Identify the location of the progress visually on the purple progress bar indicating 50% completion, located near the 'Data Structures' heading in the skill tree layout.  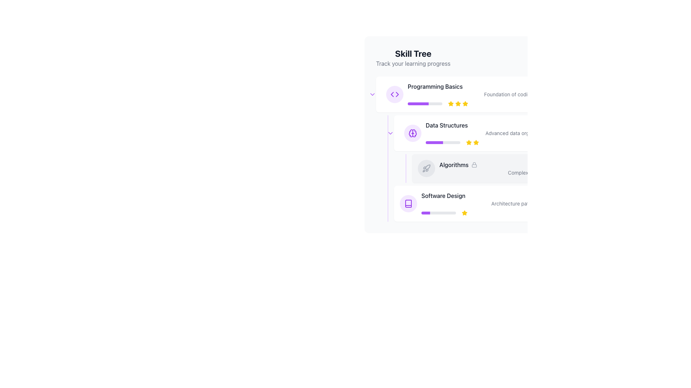
(434, 143).